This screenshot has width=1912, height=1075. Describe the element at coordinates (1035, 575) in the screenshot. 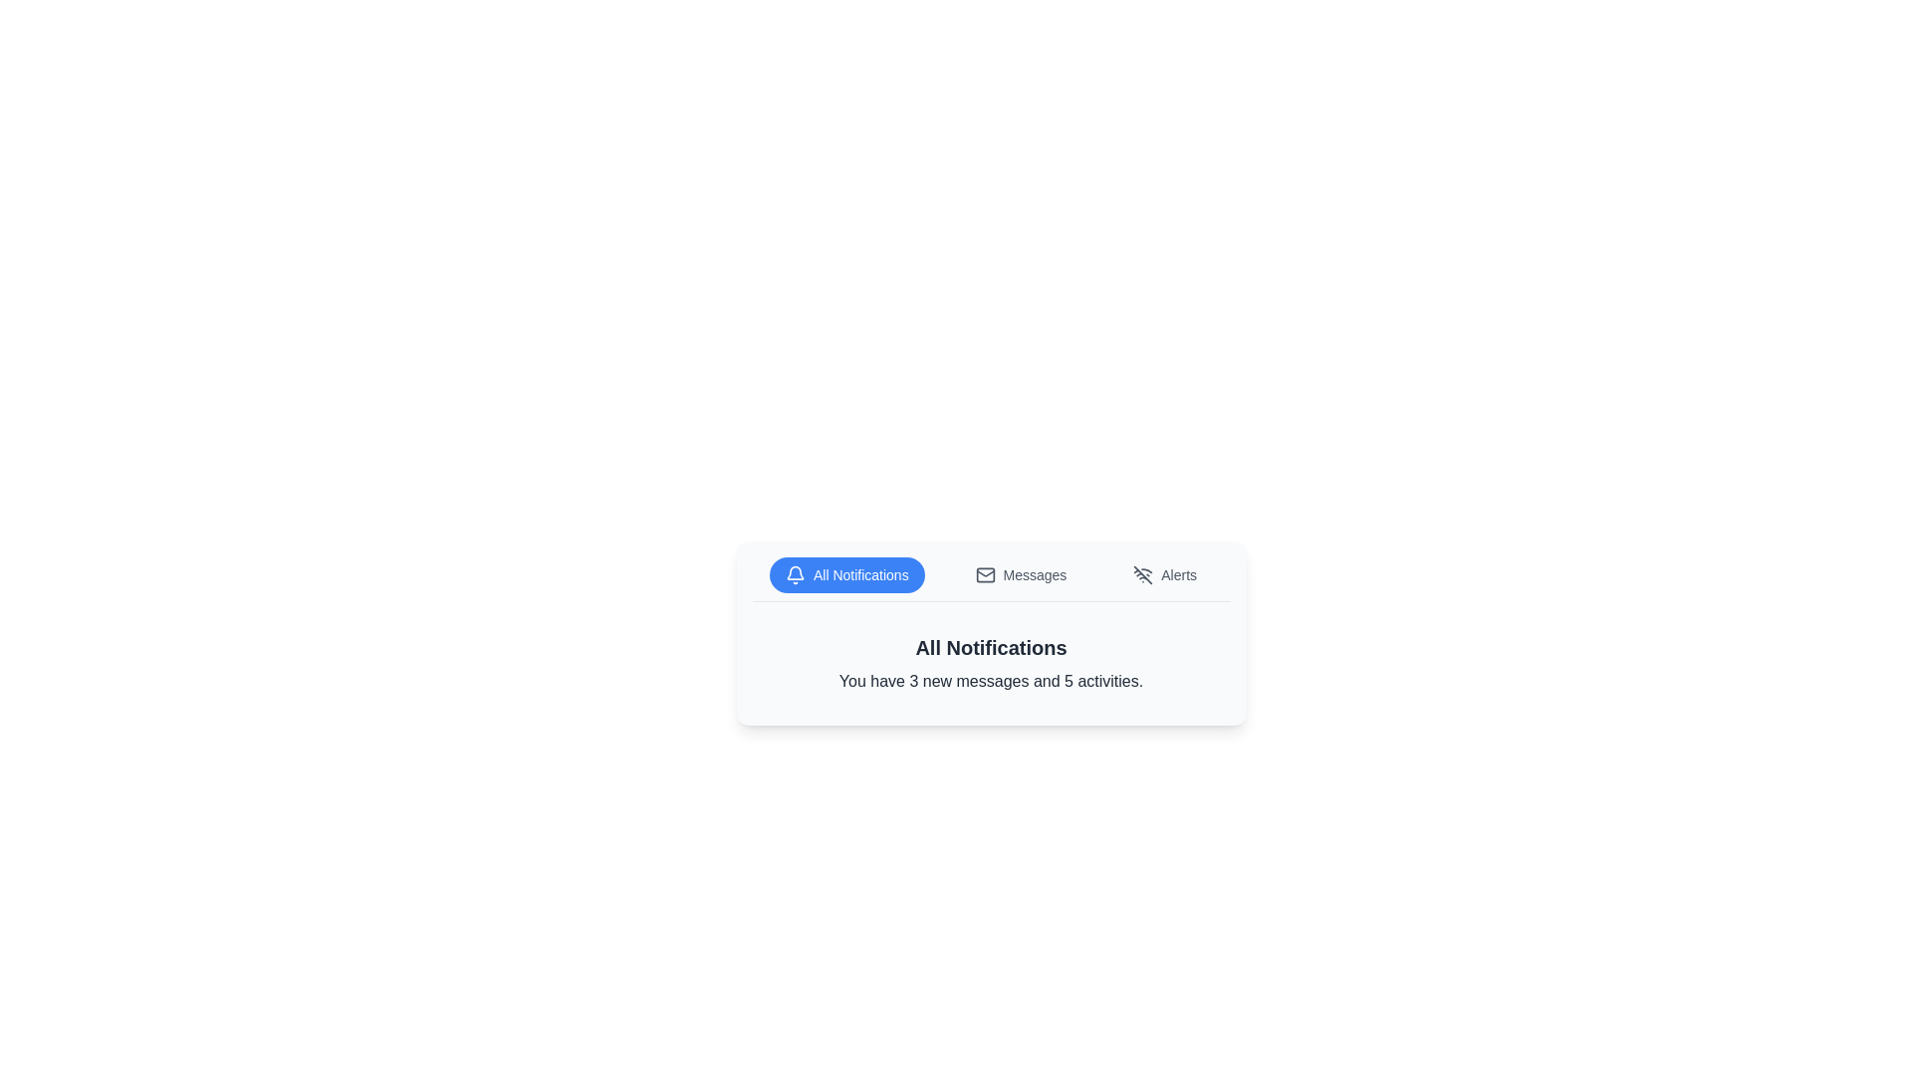

I see `the 'Messages' text label, which is styled in dark gray within a toolbar, located centrally between a mail icon and an 'Alerts' label` at that location.